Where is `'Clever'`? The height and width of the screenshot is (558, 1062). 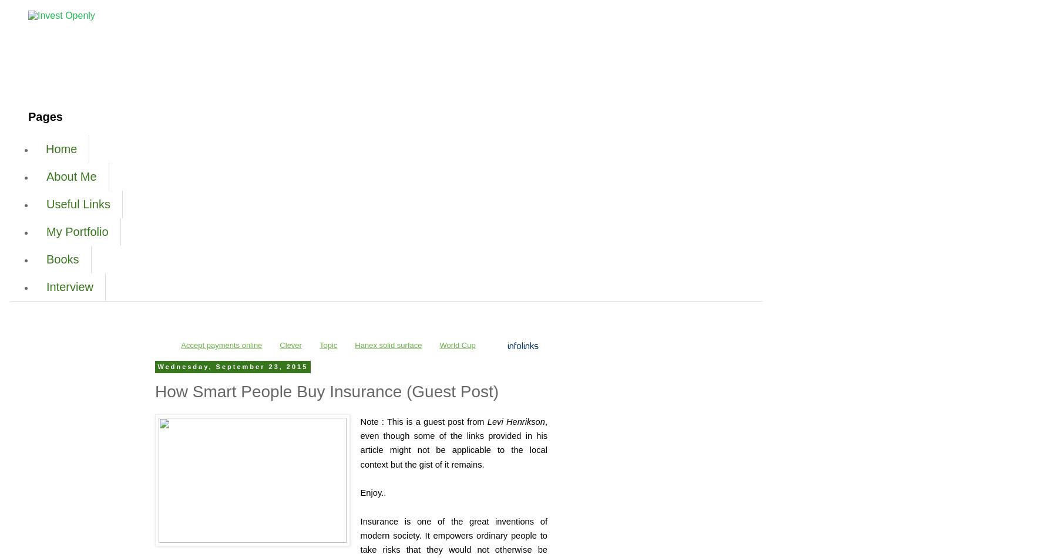
'Clever' is located at coordinates (290, 344).